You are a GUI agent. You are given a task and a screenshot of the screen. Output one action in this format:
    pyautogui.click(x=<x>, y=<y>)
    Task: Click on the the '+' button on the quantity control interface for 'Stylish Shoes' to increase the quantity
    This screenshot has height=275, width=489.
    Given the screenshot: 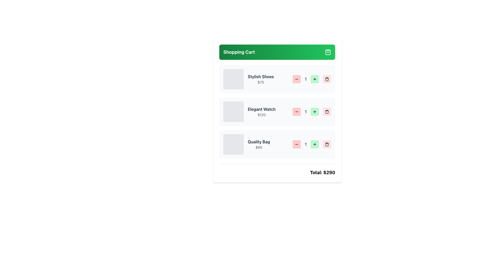 What is the action you would take?
    pyautogui.click(x=311, y=79)
    